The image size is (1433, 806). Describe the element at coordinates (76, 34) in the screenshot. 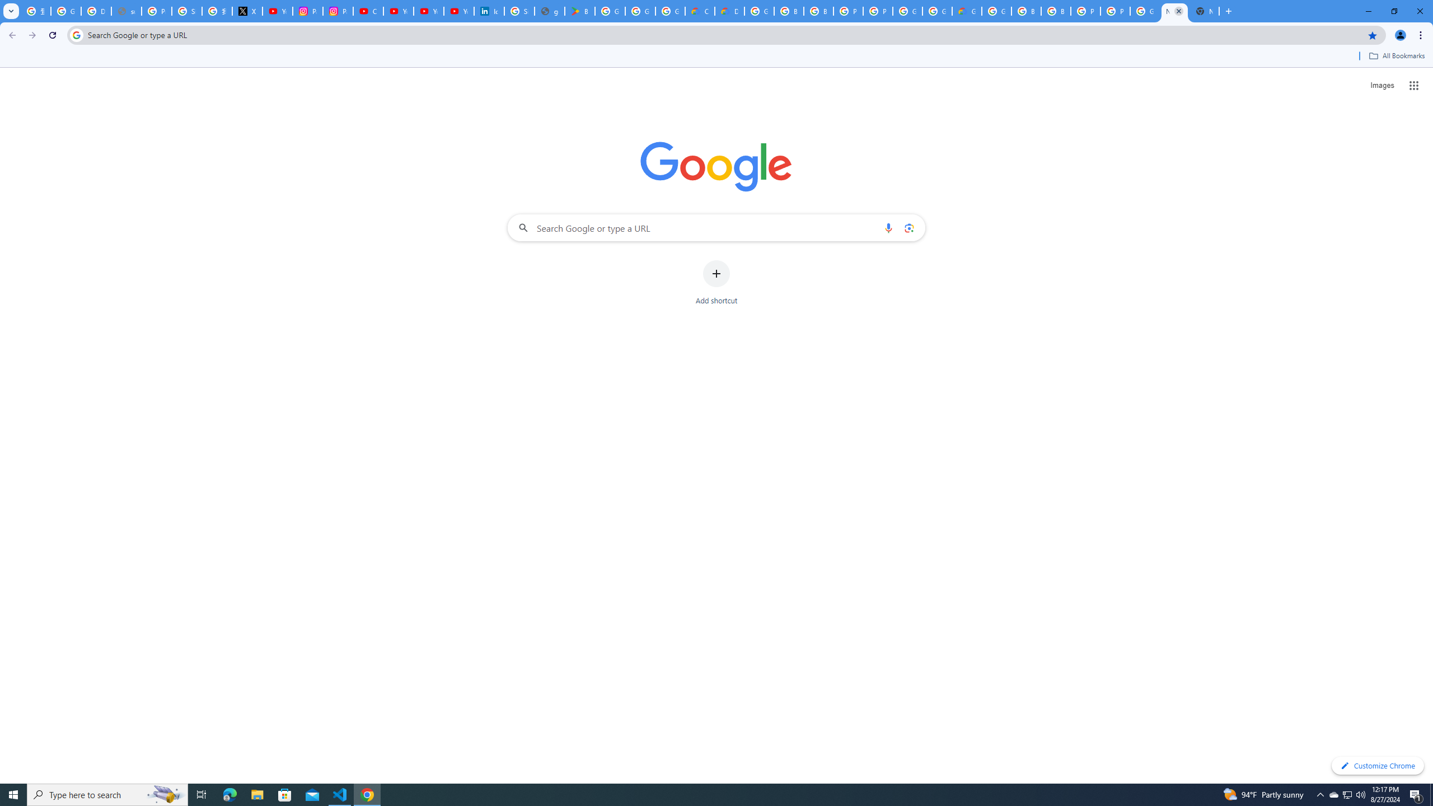

I see `'Search icon'` at that location.